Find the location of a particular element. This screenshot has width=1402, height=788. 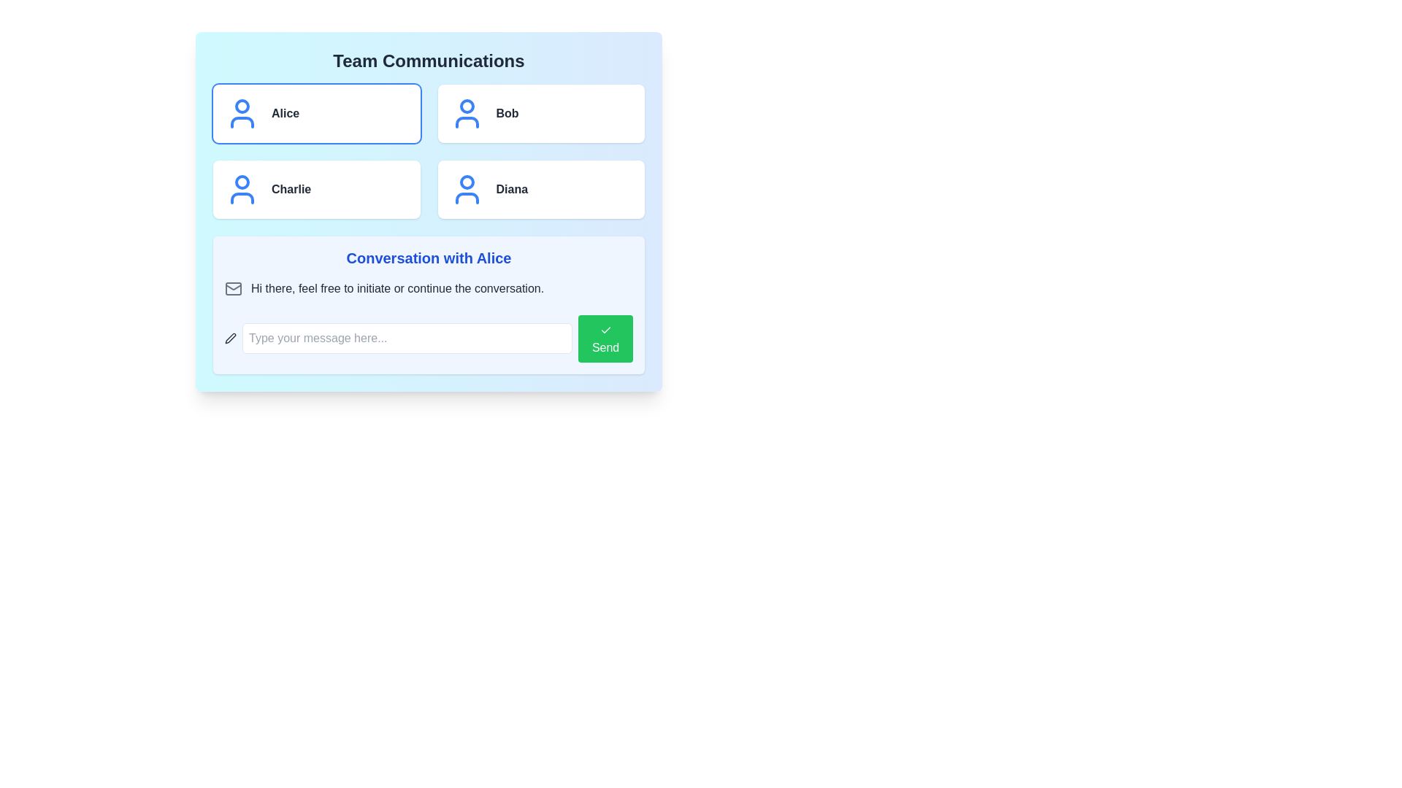

the user profile icon located in the lower-left quadrant of the group 'Charlie', positioned to the left of the name text in the second row of the user list is located at coordinates (242, 188).